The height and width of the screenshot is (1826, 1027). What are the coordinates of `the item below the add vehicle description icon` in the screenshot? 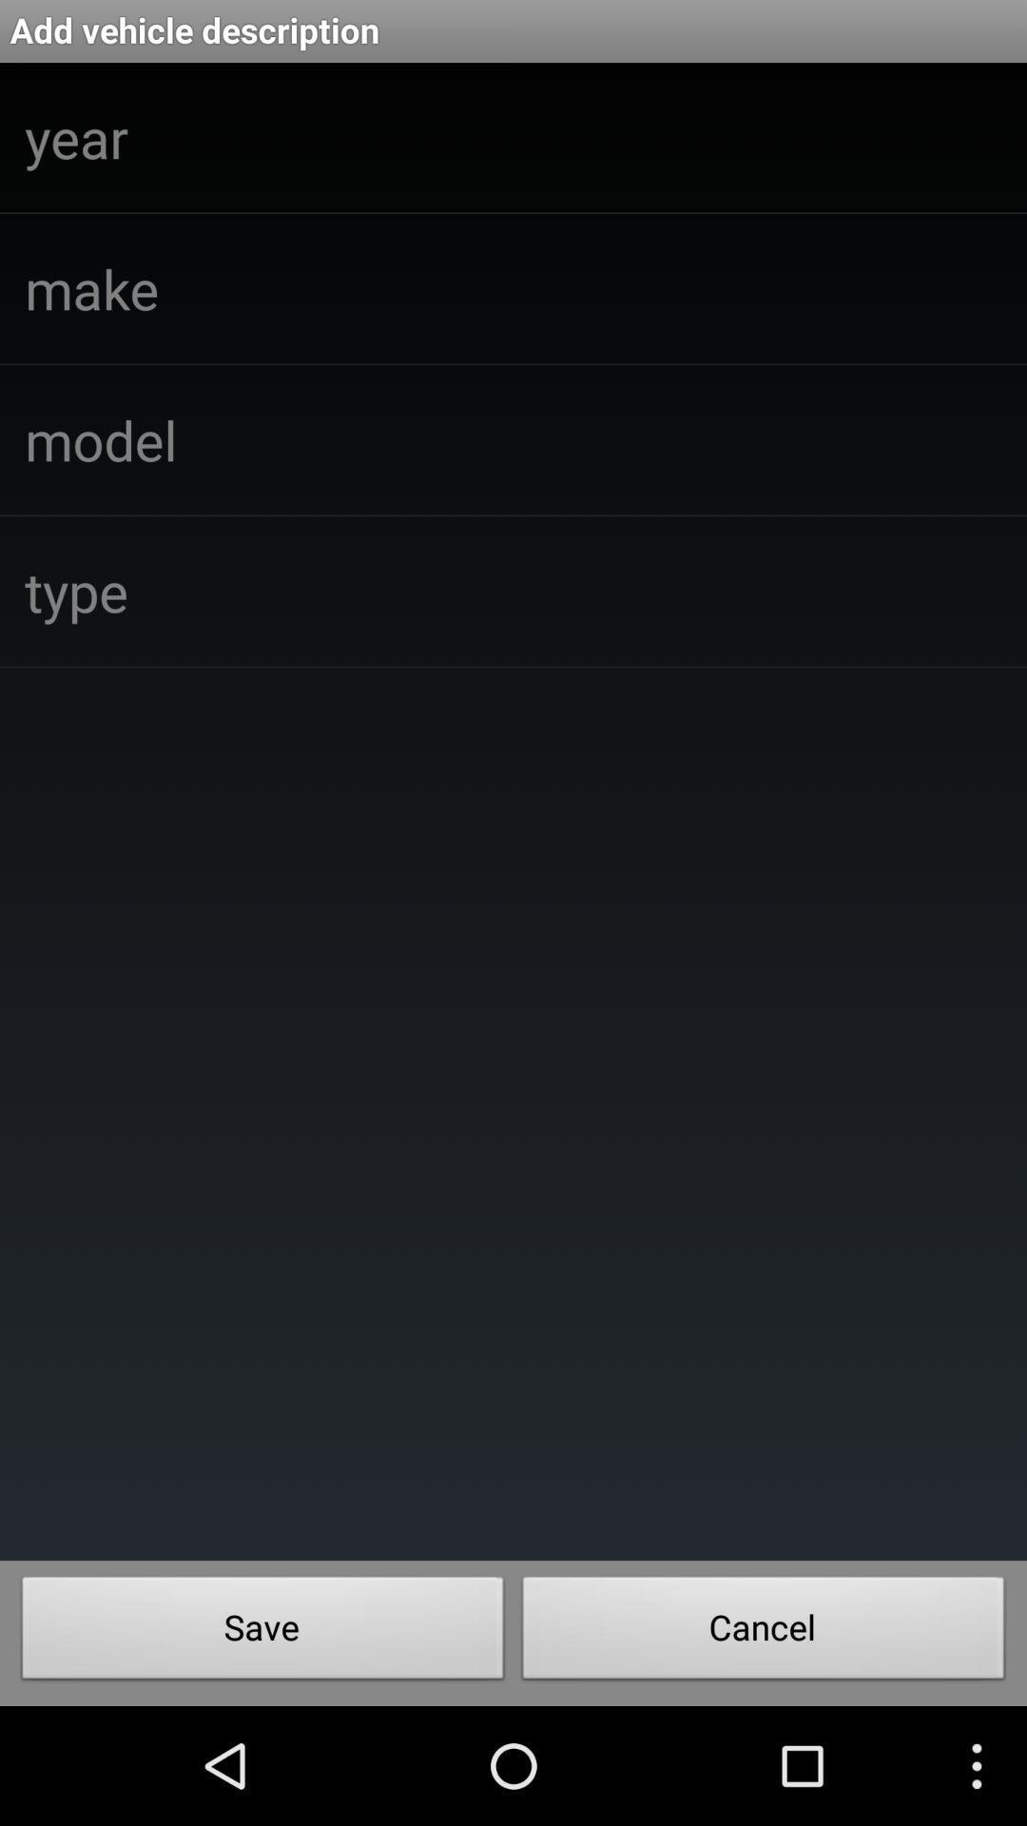 It's located at (763, 1632).